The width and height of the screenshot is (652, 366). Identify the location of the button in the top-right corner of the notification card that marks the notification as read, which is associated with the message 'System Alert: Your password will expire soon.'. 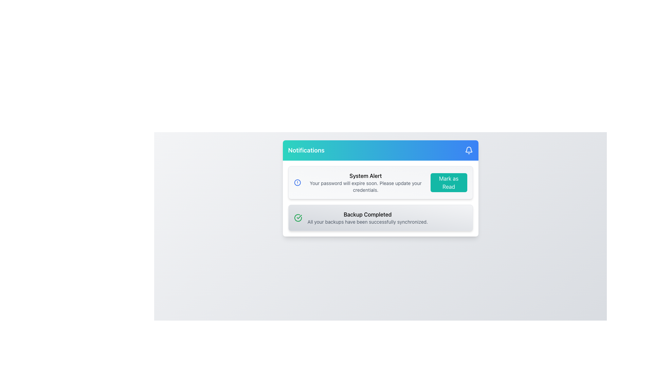
(449, 182).